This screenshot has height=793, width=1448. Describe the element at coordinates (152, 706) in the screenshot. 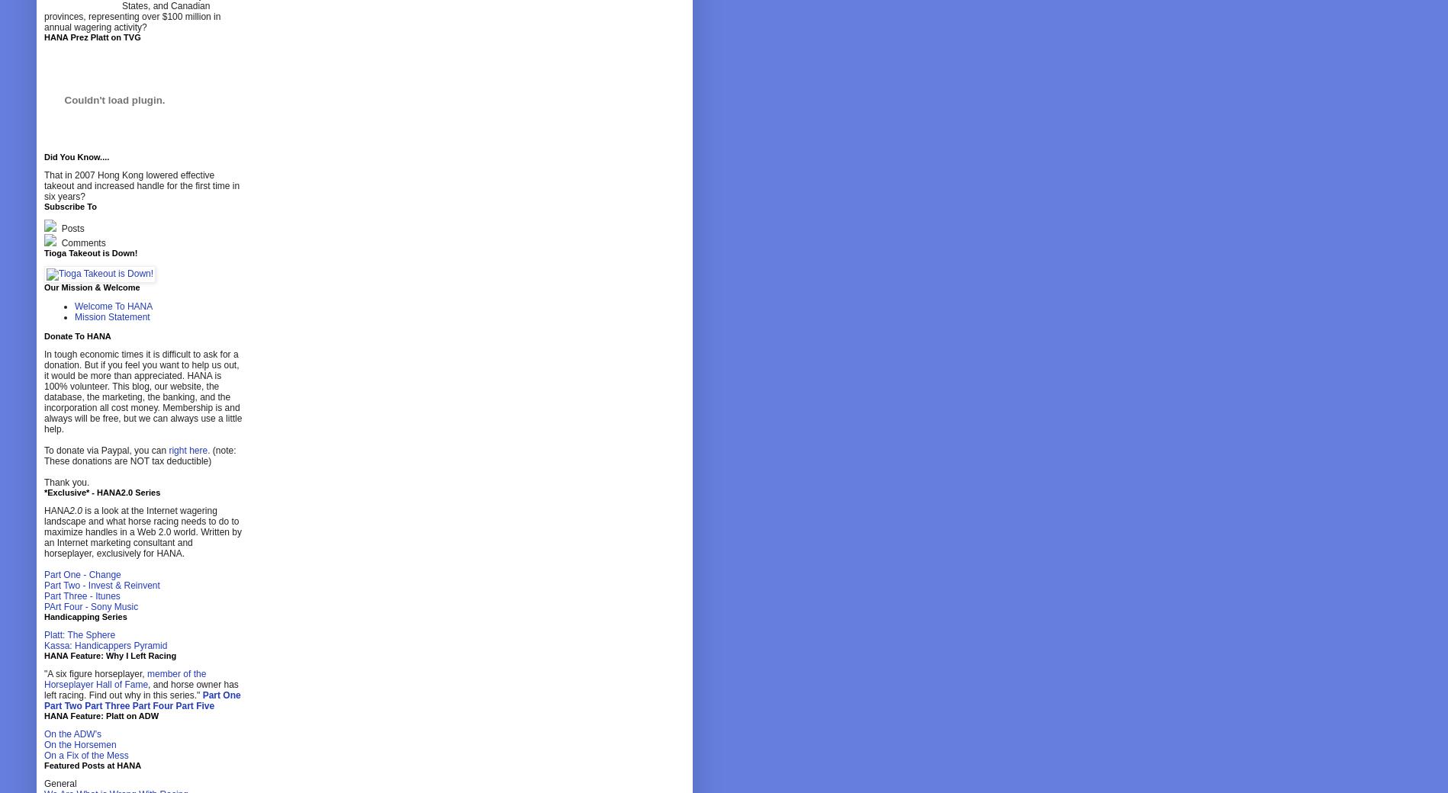

I see `'Part Four'` at that location.